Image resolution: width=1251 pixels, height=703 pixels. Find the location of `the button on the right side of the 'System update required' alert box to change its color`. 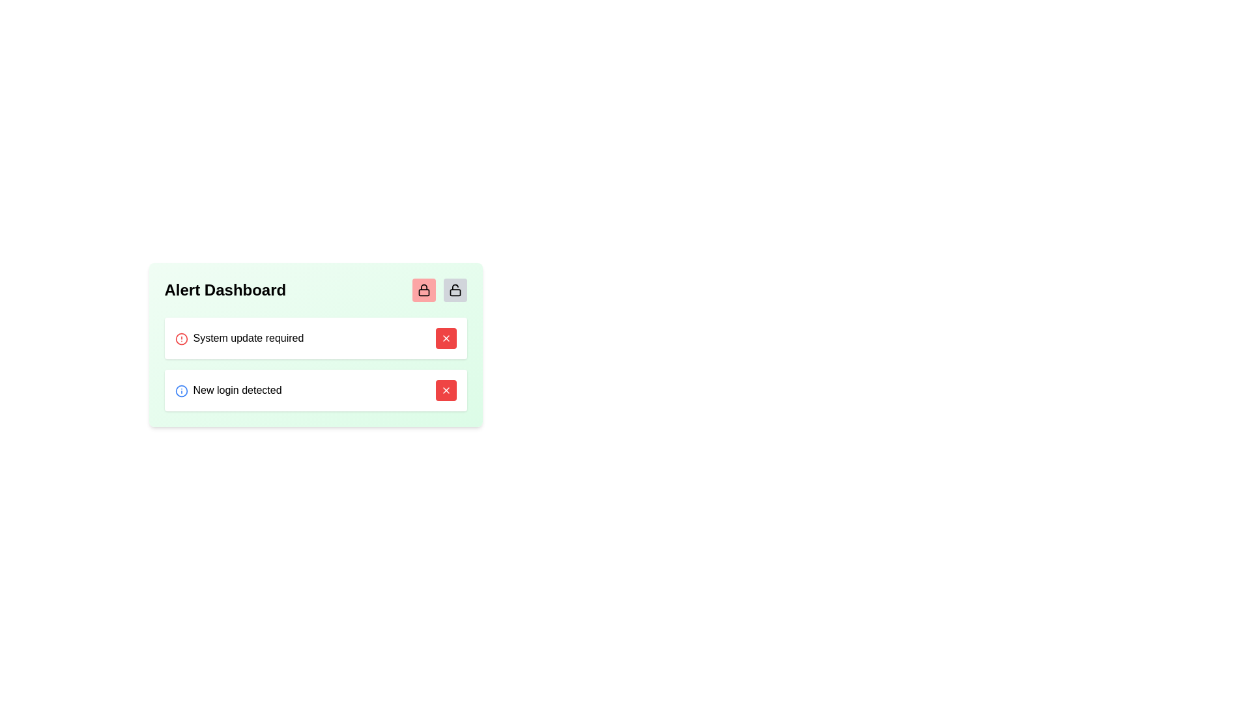

the button on the right side of the 'System update required' alert box to change its color is located at coordinates (446, 338).